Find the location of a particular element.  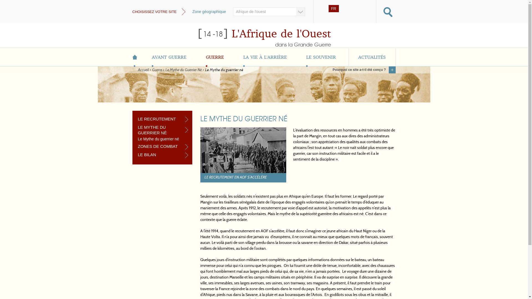

'ACCUEIL' is located at coordinates (137, 57).